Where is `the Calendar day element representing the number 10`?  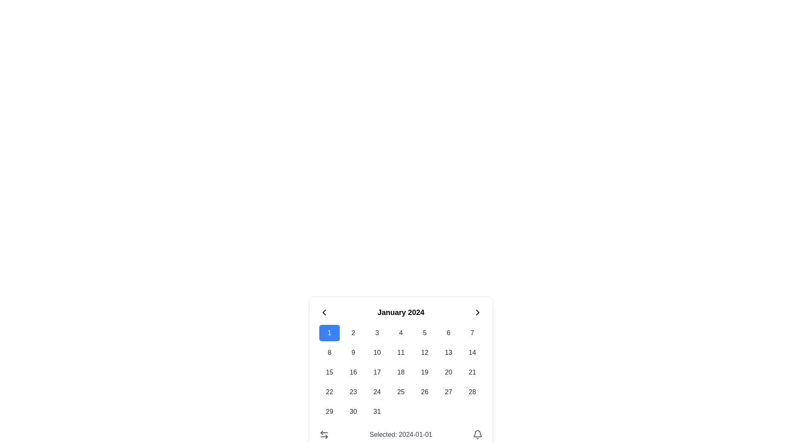
the Calendar day element representing the number 10 is located at coordinates (376, 352).